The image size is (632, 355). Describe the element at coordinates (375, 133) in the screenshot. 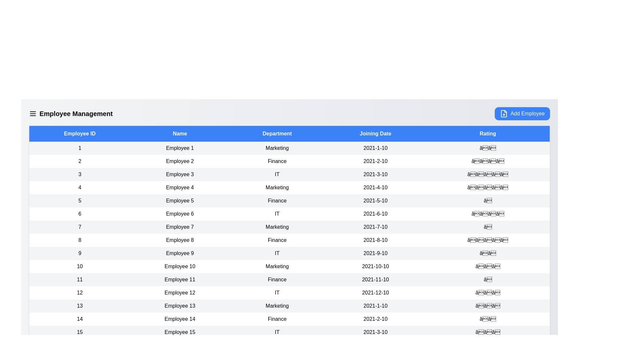

I see `the header of the table to sort the data by Joining Date` at that location.